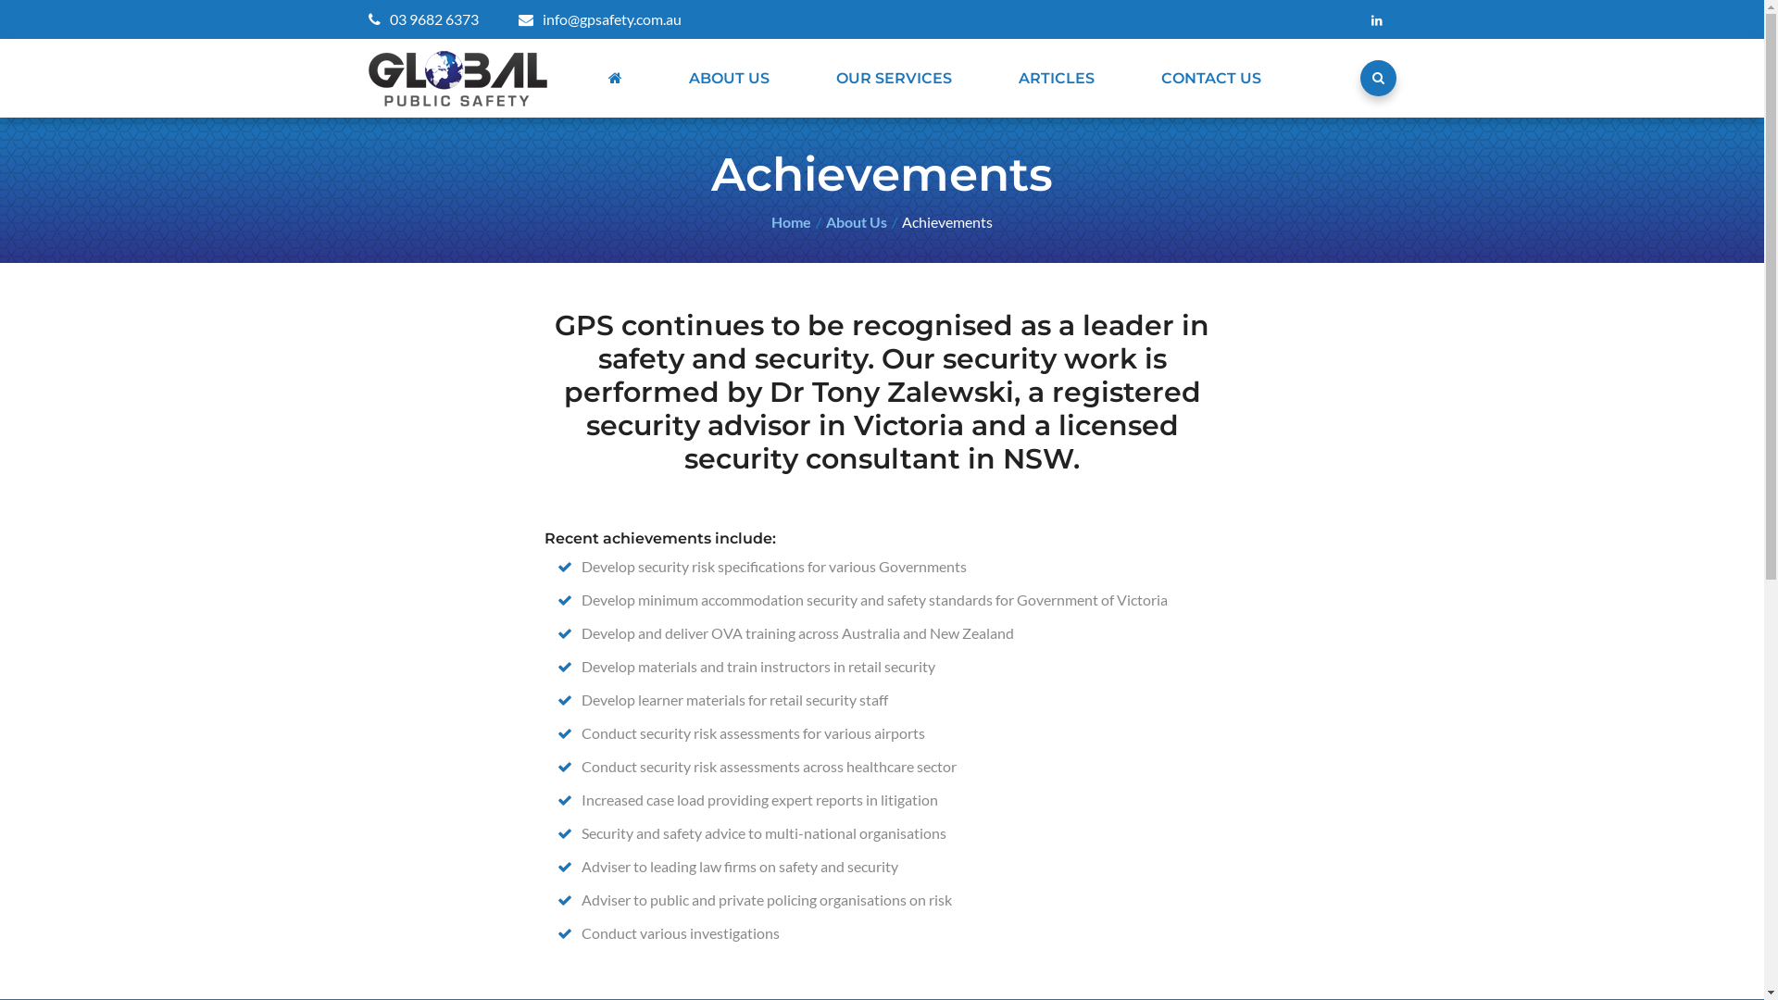 This screenshot has width=1778, height=1000. What do you see at coordinates (679, 77) in the screenshot?
I see `'ABOUT US'` at bounding box center [679, 77].